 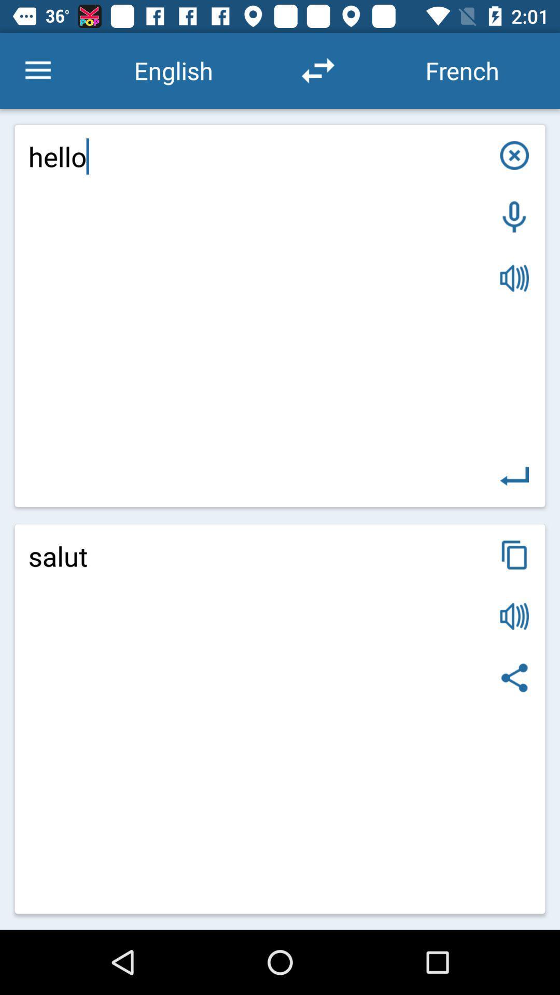 What do you see at coordinates (514, 554) in the screenshot?
I see `icon below the hello item` at bounding box center [514, 554].